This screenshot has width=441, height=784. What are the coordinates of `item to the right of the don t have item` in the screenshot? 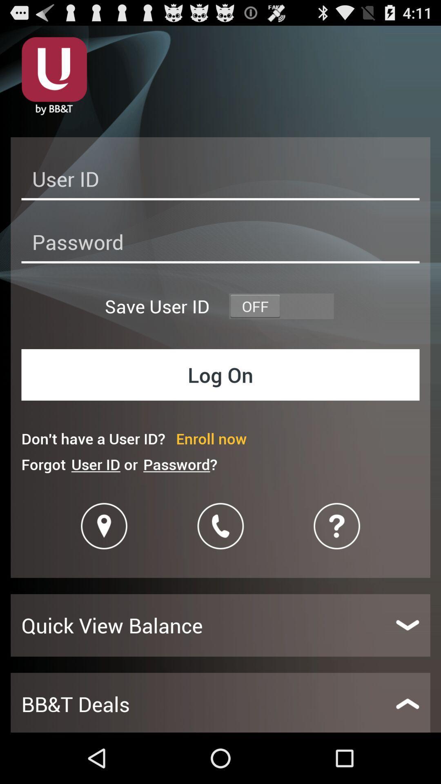 It's located at (211, 438).